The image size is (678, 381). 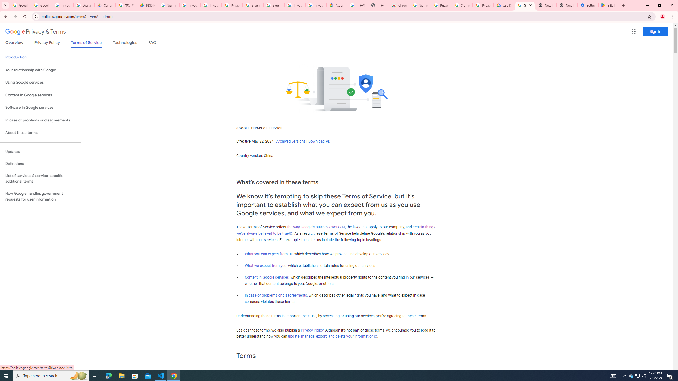 What do you see at coordinates (609, 5) in the screenshot?
I see `'8 Ball Pool - Apps on Google Play'` at bounding box center [609, 5].